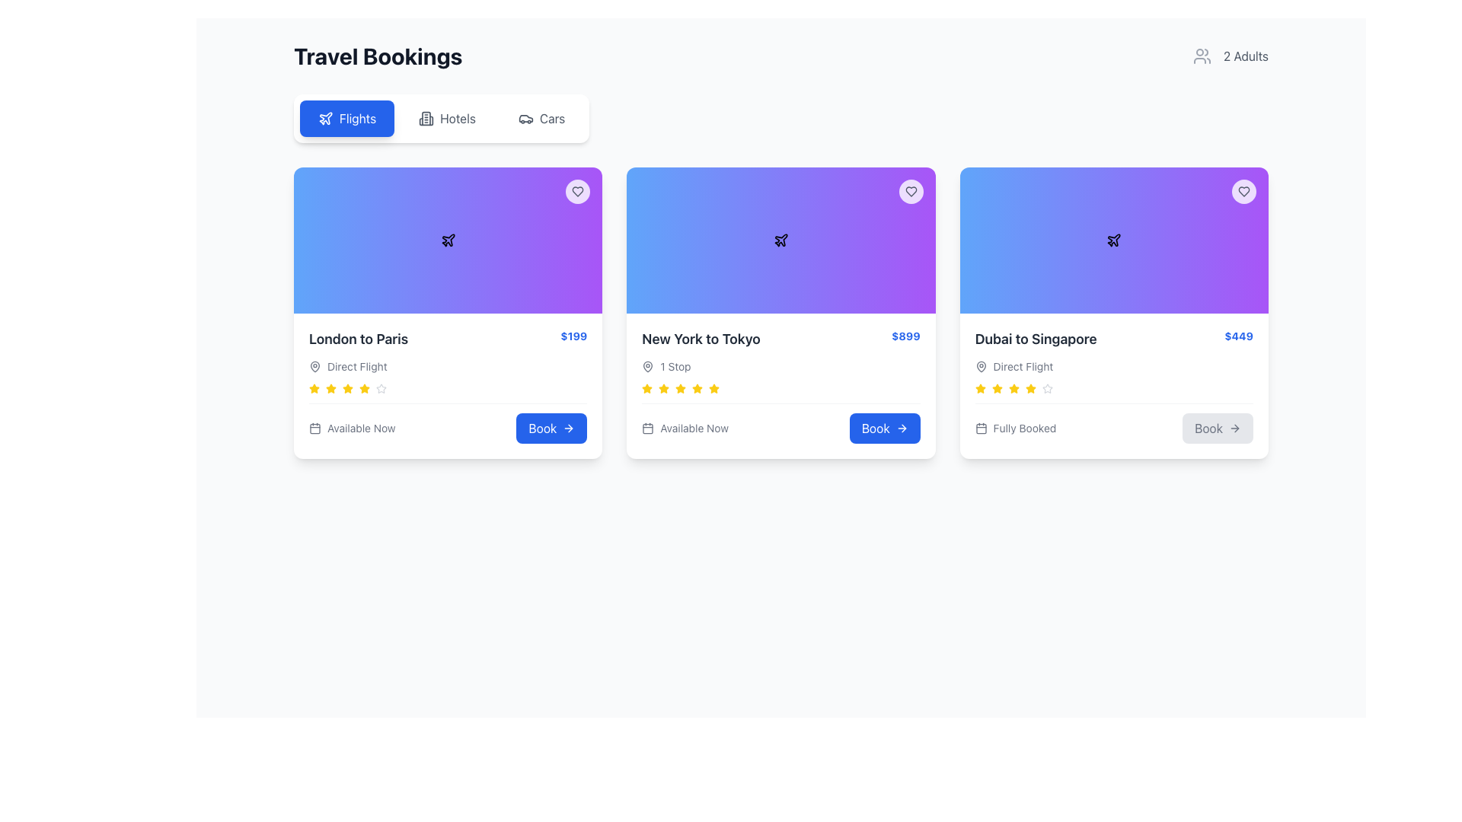  Describe the element at coordinates (911, 190) in the screenshot. I see `the 'favorite' or 'like' button located in the top-right corner of the 'New York` at that location.